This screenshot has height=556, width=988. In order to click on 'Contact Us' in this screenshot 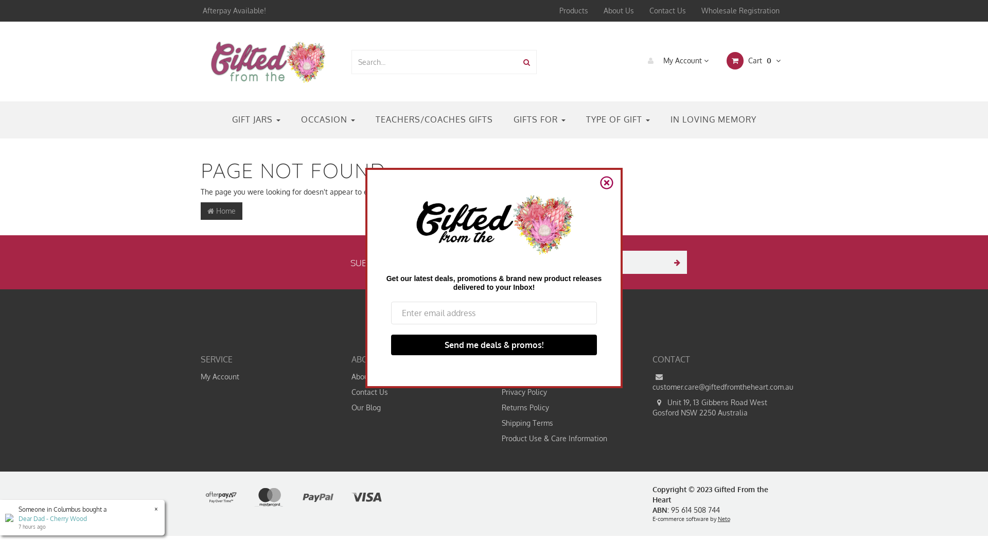, I will do `click(343, 392)`.